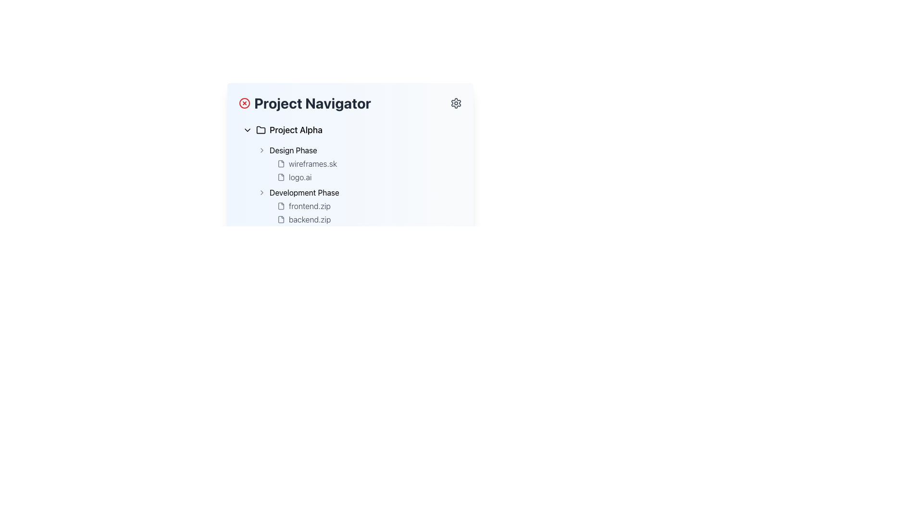 This screenshot has width=923, height=519. I want to click on the gear icon located at the upper-right corner of the 'Project Navigator' interface, so click(456, 103).